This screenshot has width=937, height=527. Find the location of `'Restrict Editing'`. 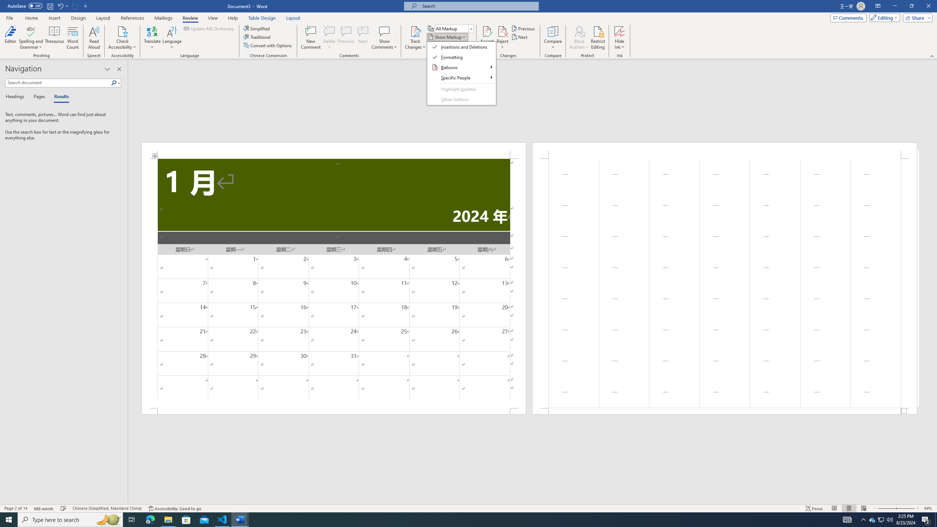

'Restrict Editing' is located at coordinates (598, 38).